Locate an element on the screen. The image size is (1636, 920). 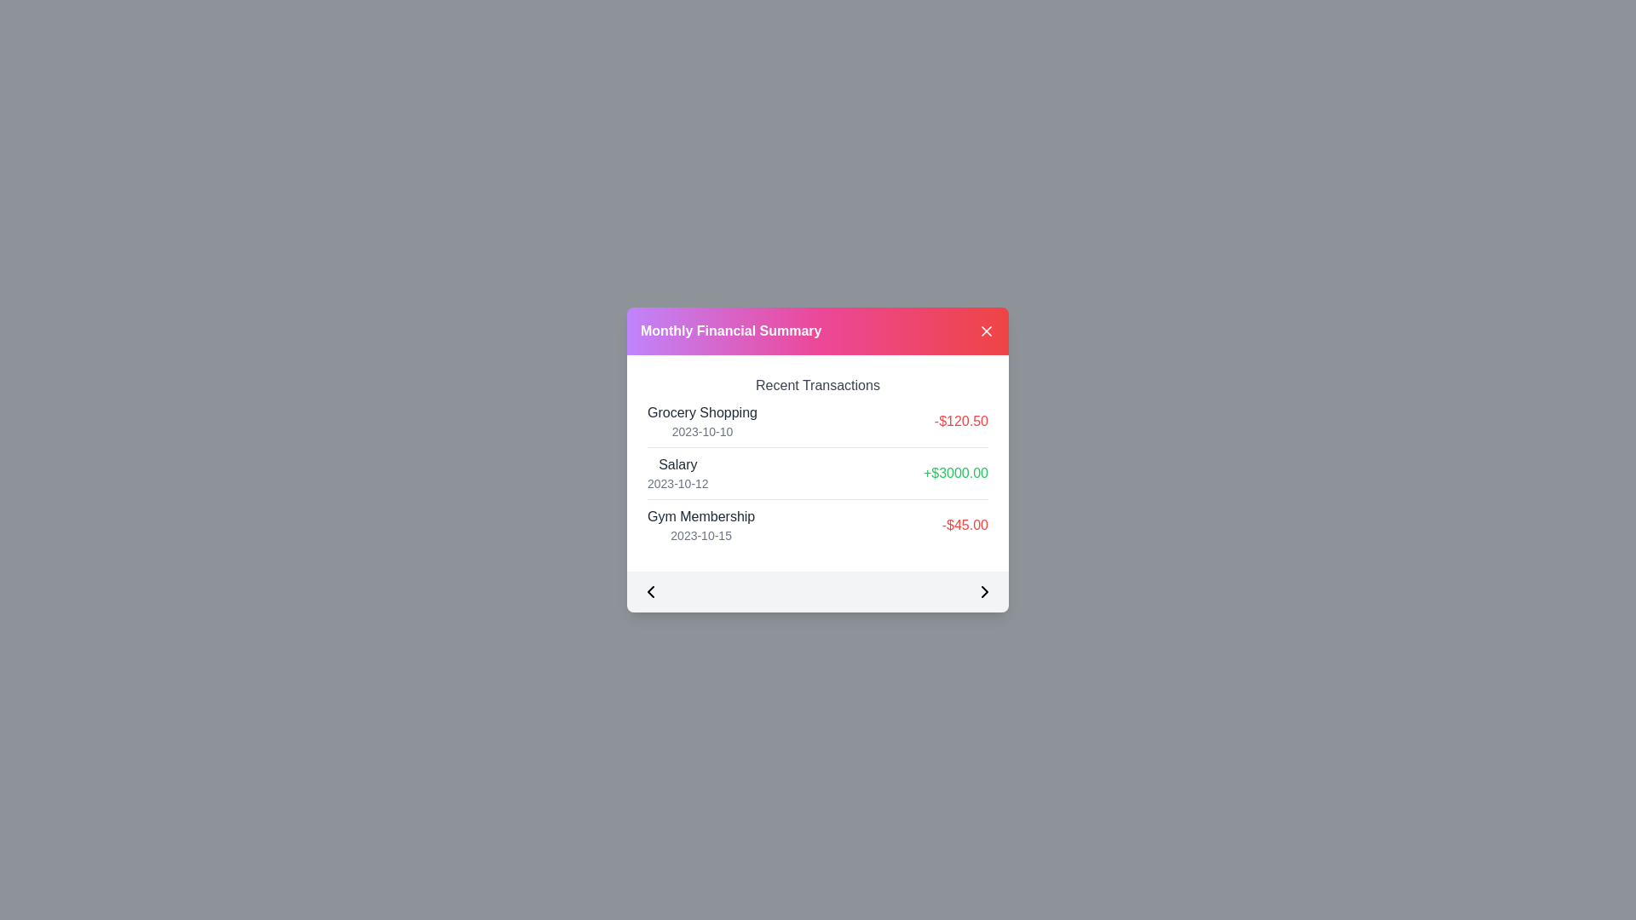
right arrow button to navigate to the next page is located at coordinates (985, 590).